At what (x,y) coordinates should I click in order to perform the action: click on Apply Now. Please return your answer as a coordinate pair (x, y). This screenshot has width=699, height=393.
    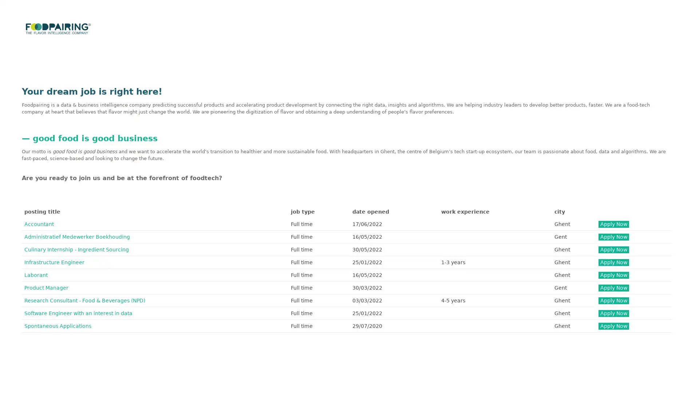
    Looking at the image, I should click on (613, 287).